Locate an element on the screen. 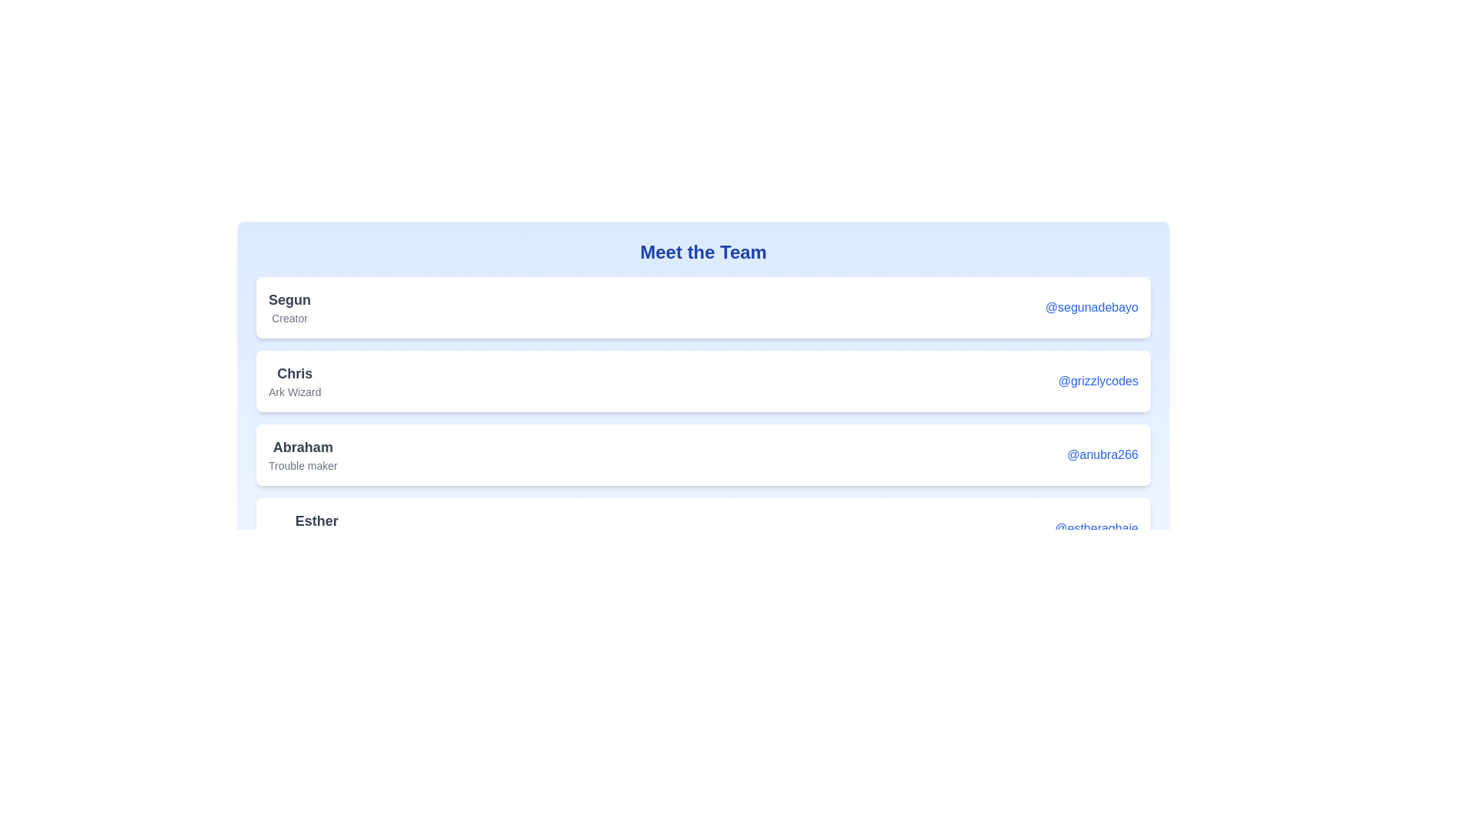  the Text Label styled in a large, bold font in dark gray color within the second user profile box from the top in the 'Meet the Team' section, which is positioned above the description 'Ark Wizard' is located at coordinates (295, 373).